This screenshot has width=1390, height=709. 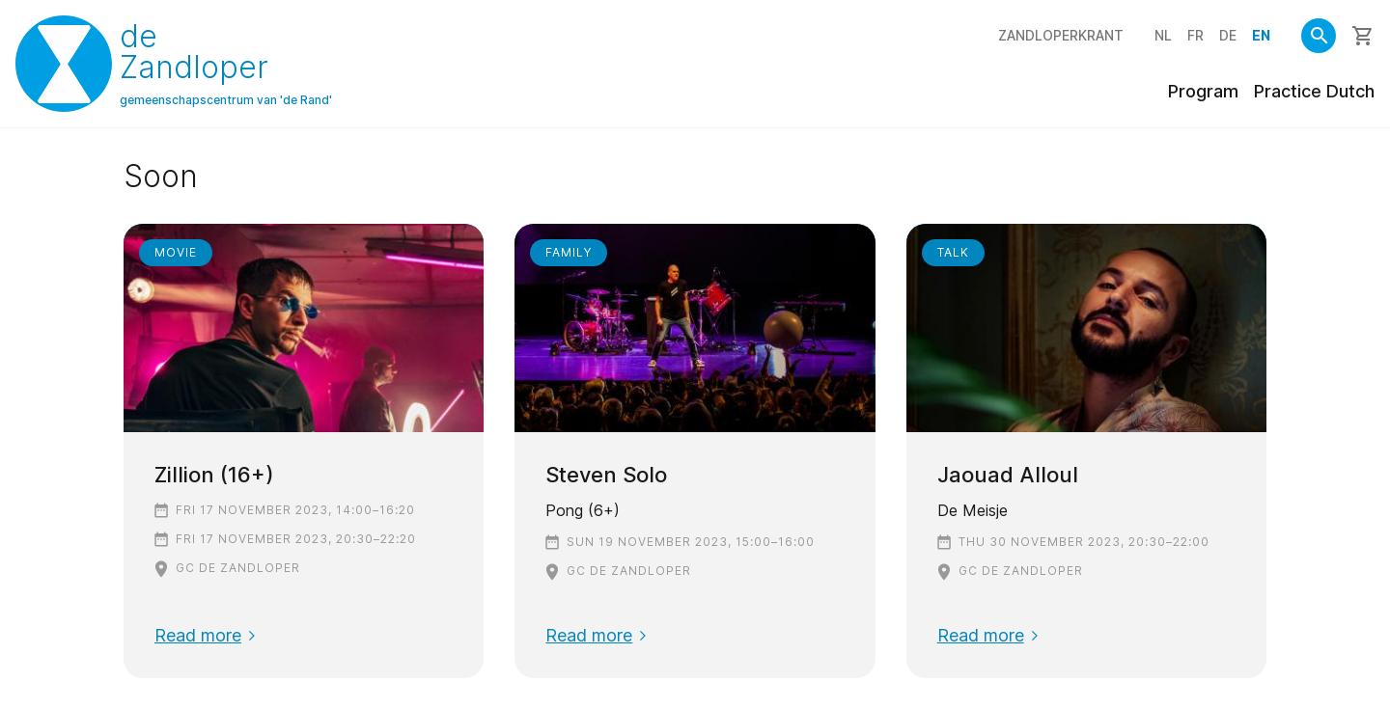 I want to click on 'Fri 17 November 2023, 14:00–16:20', so click(x=295, y=507).